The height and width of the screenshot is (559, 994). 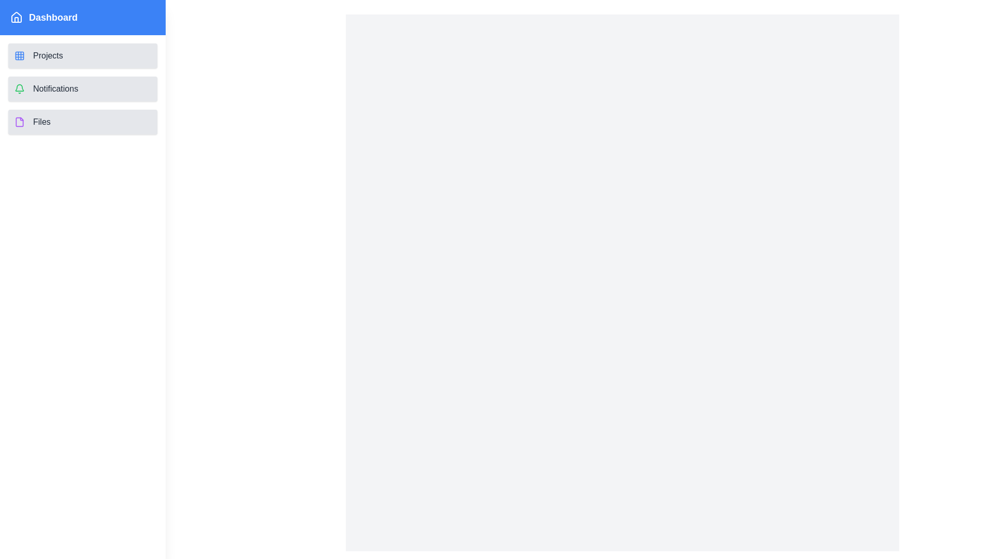 I want to click on the menu item Files in the drawer menu, so click(x=82, y=121).